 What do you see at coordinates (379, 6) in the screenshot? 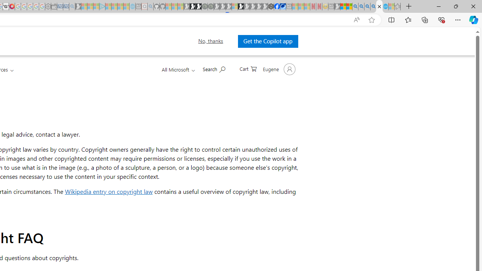
I see `'Copyrights | Microsoft Legal'` at bounding box center [379, 6].